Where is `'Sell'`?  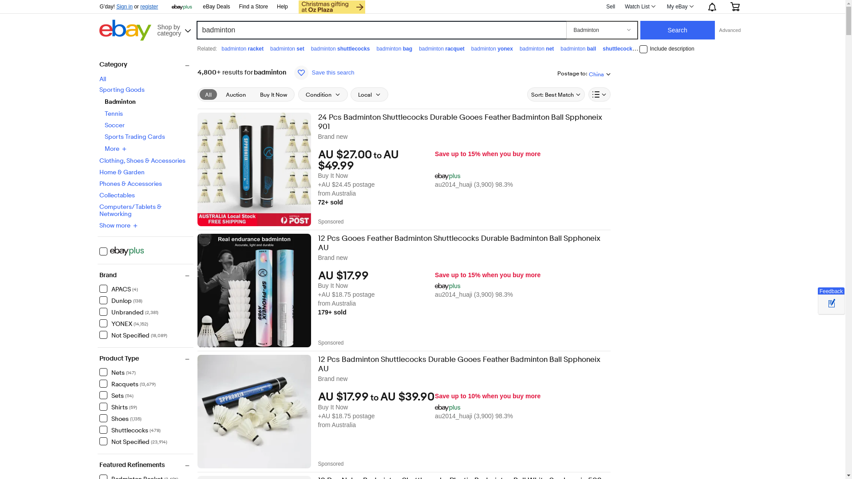
'Sell' is located at coordinates (610, 7).